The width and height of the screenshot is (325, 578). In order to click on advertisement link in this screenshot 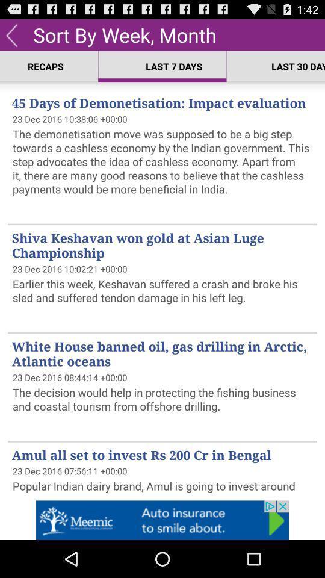, I will do `click(162, 520)`.